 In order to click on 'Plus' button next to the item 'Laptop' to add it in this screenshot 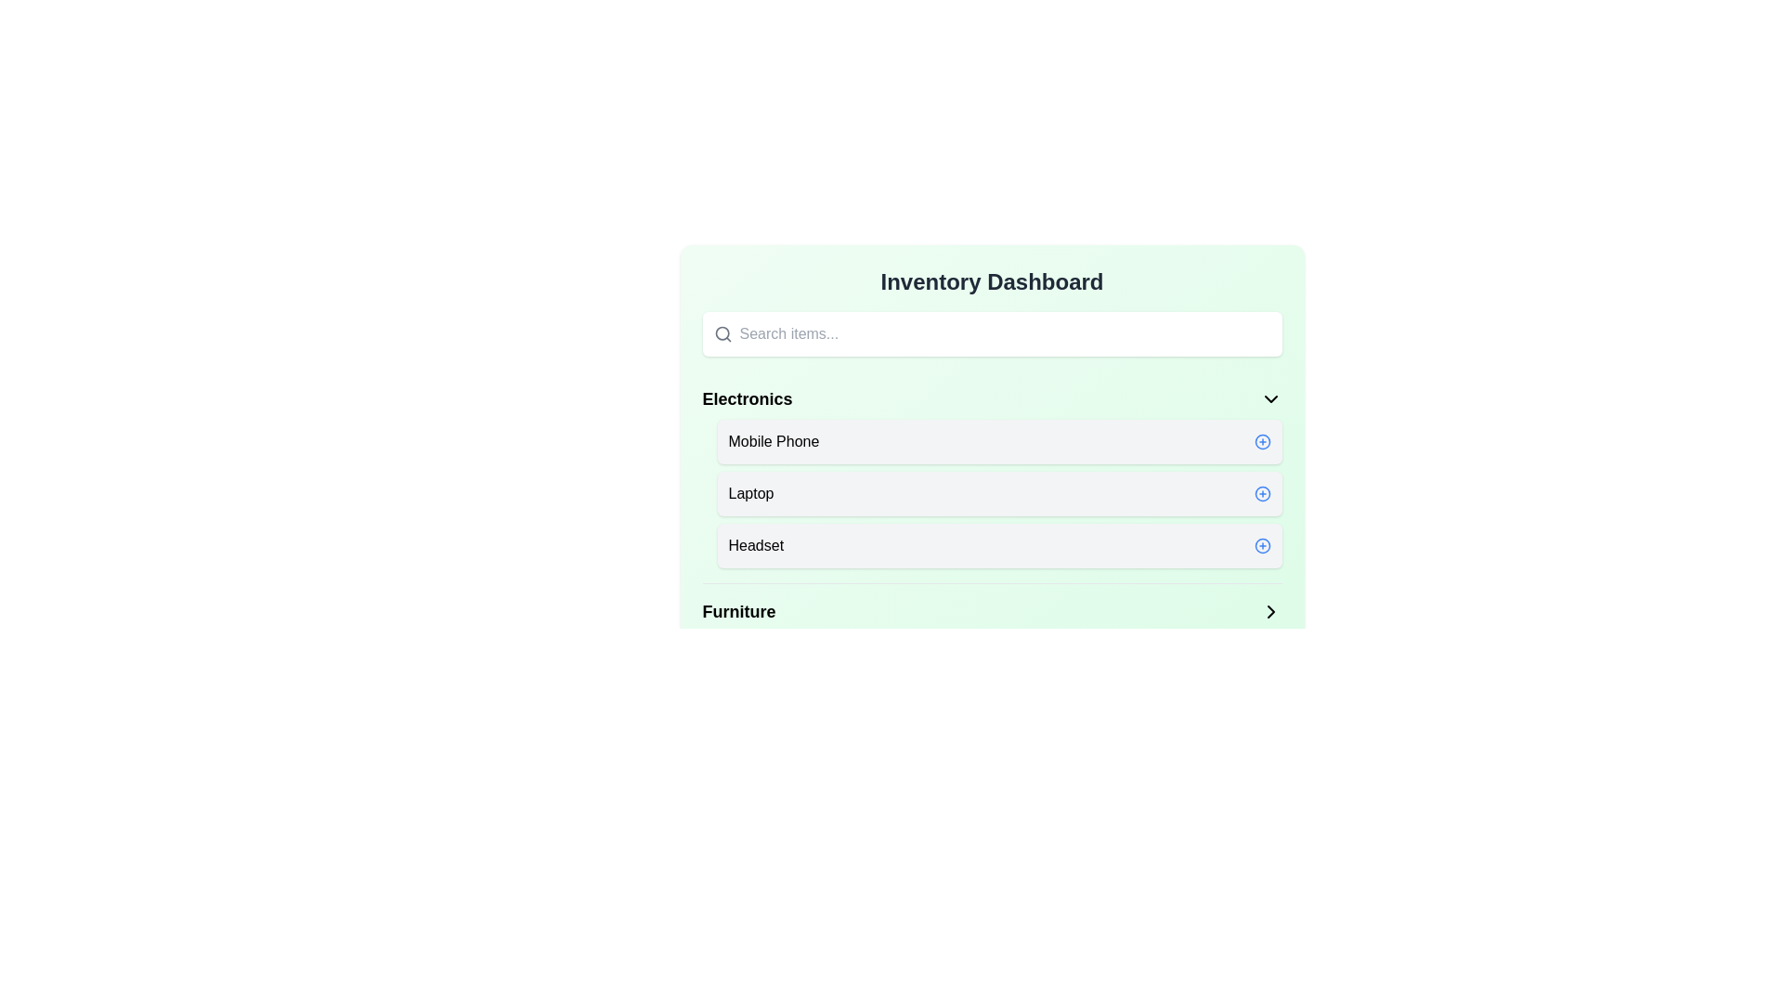, I will do `click(1262, 493)`.